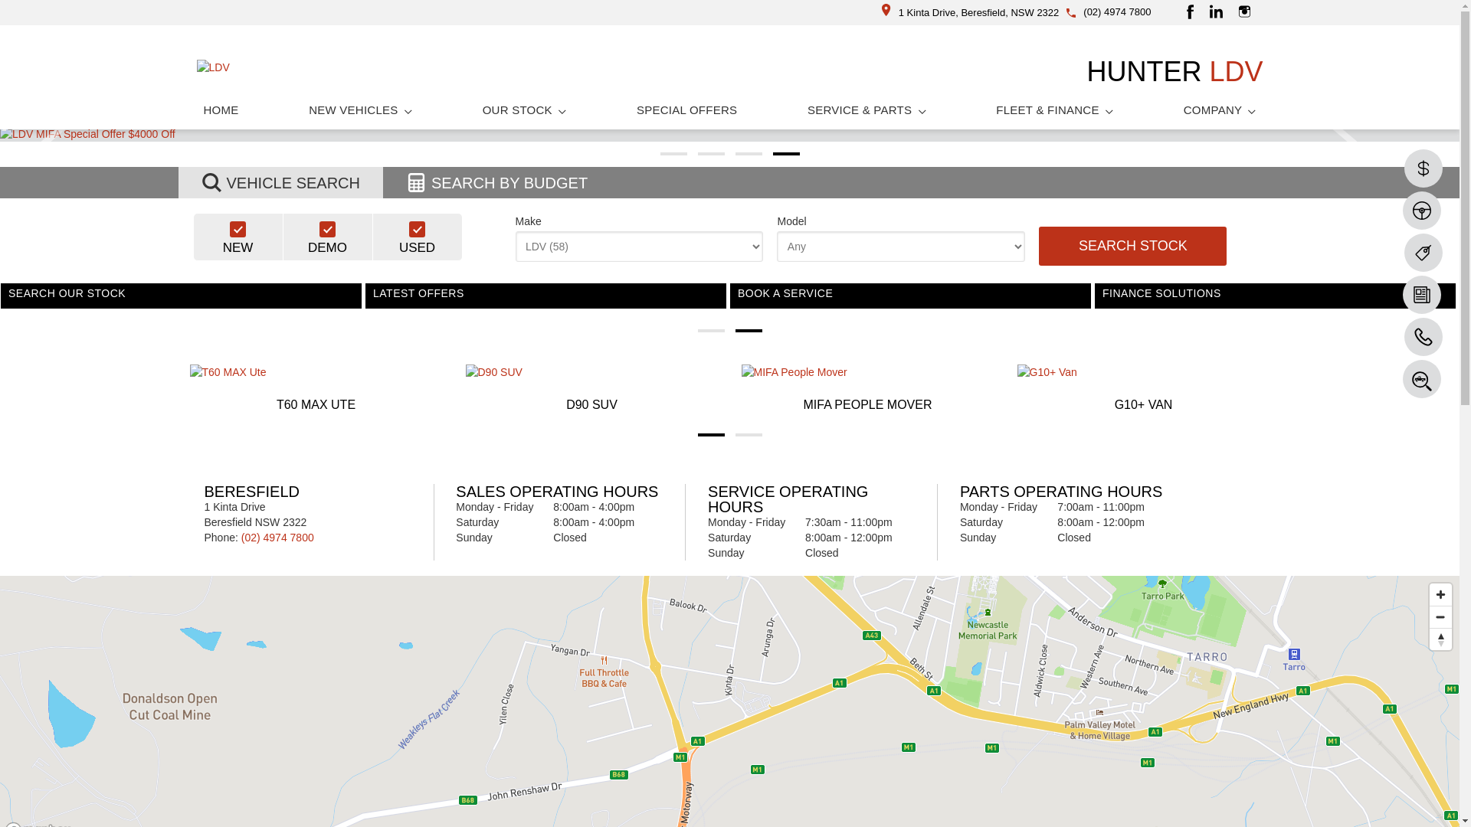  Describe the element at coordinates (867, 109) in the screenshot. I see `'SERVICE & PARTS'` at that location.